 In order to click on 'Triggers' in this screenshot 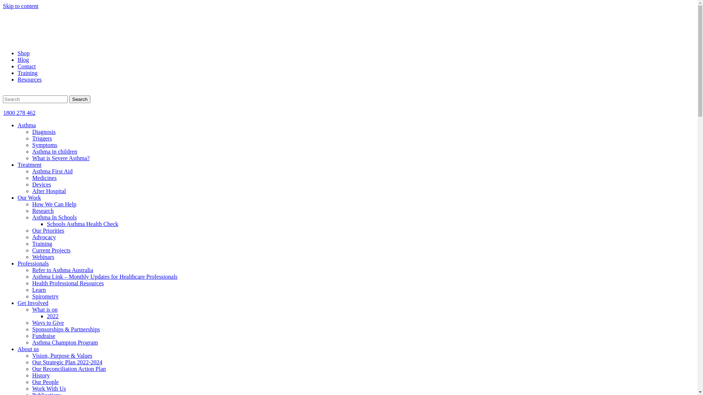, I will do `click(42, 138)`.